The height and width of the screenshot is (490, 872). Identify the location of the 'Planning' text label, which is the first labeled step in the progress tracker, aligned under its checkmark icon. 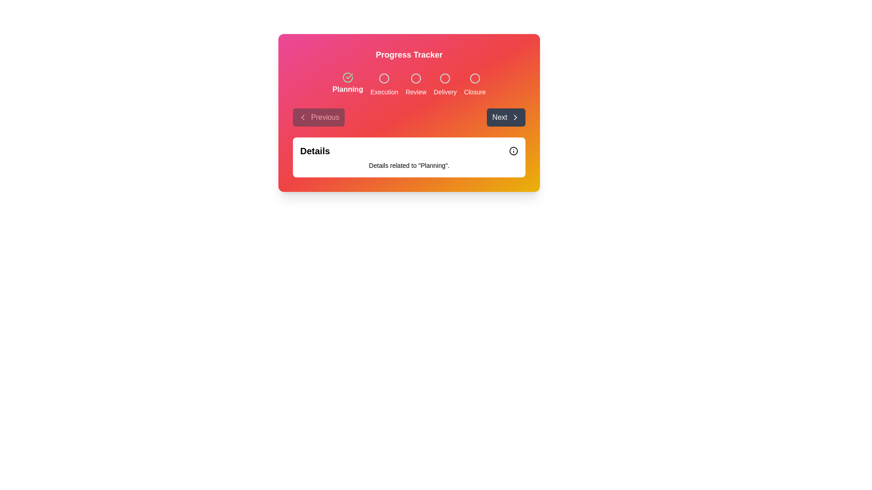
(347, 84).